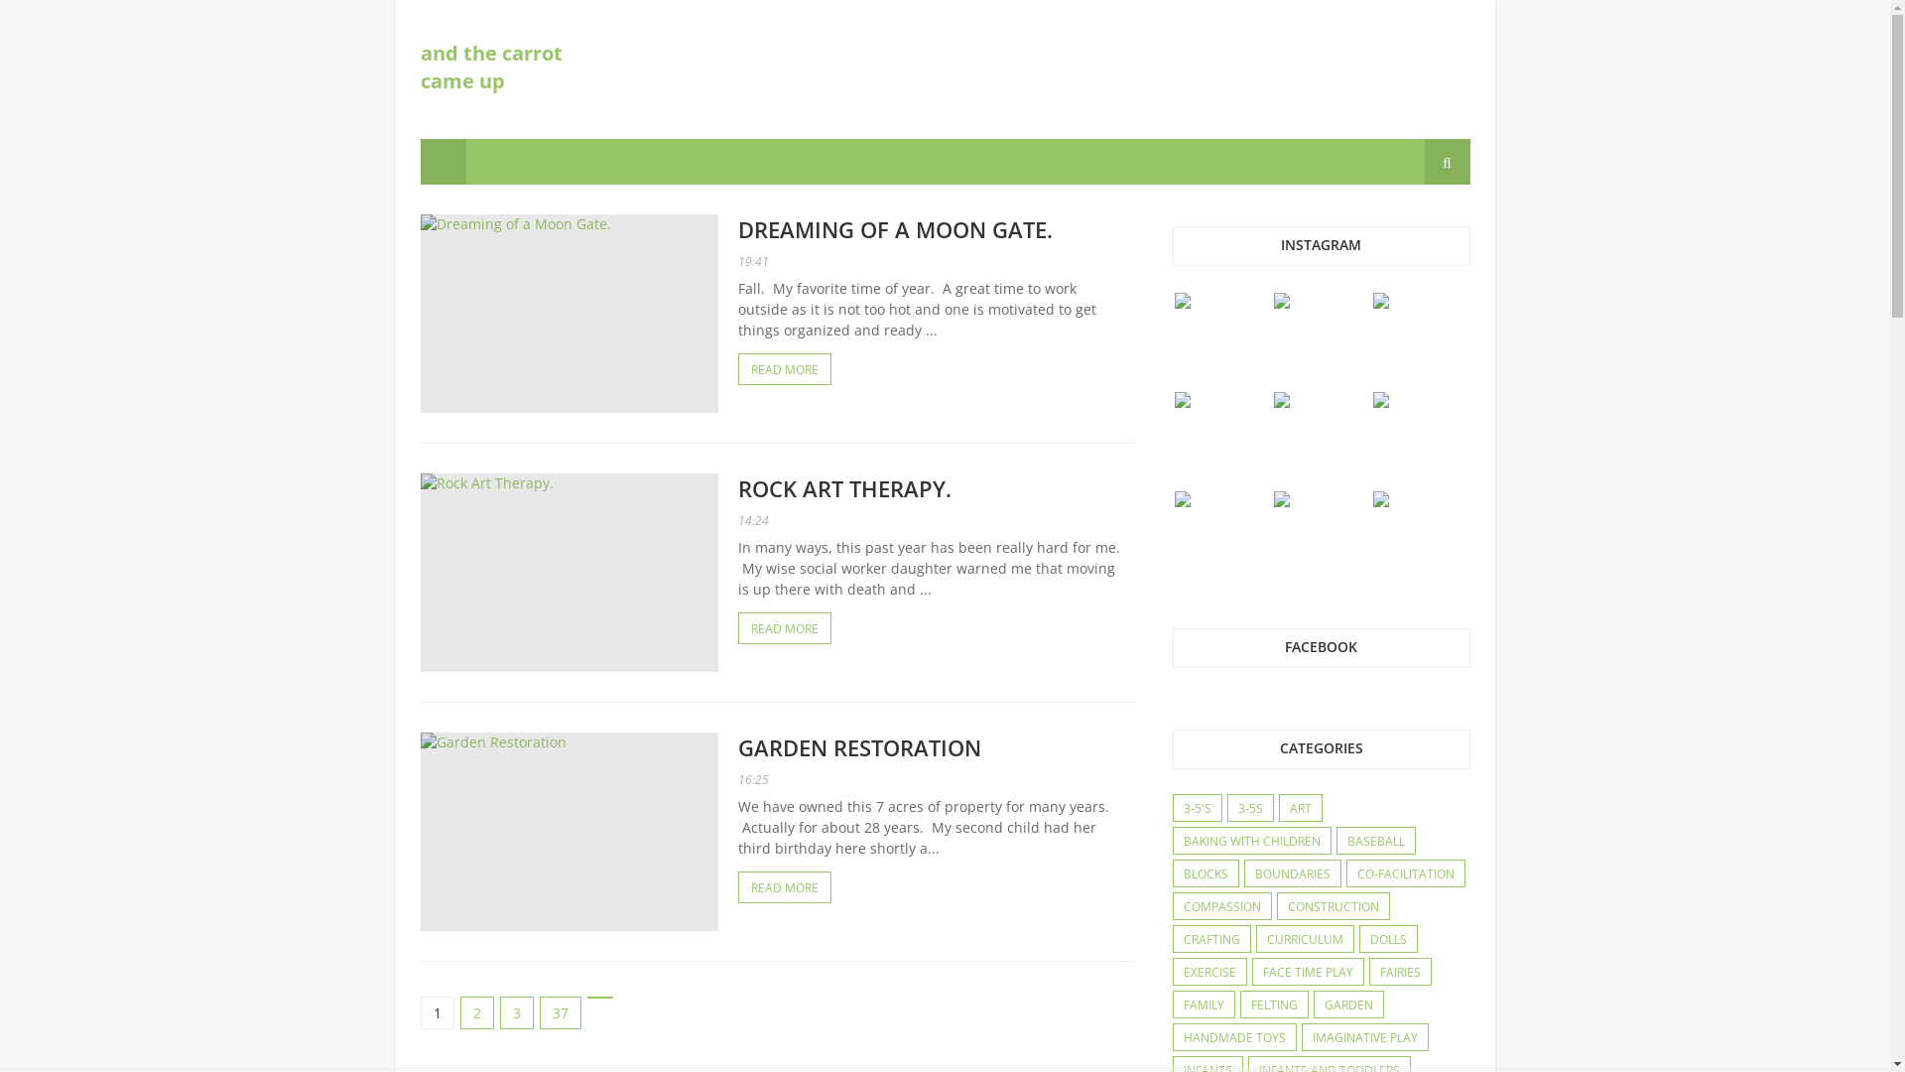 The height and width of the screenshot is (1072, 1905). Describe the element at coordinates (1204, 872) in the screenshot. I see `'BLOCKS'` at that location.